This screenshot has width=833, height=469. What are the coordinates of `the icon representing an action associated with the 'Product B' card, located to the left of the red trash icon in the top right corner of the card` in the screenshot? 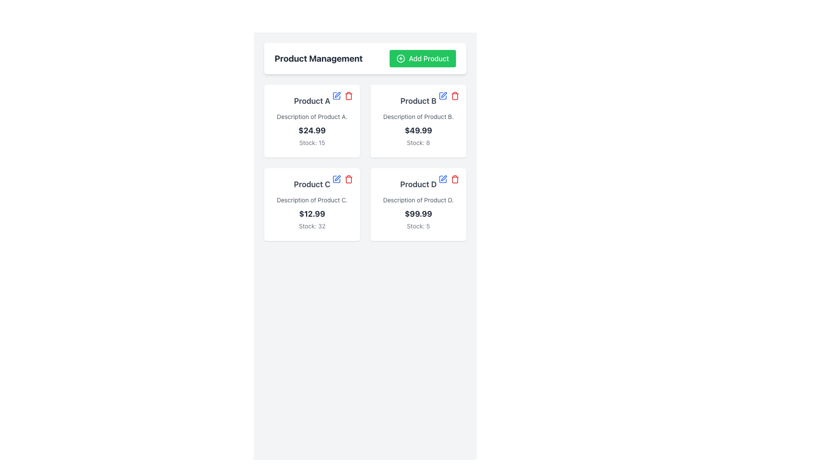 It's located at (336, 96).